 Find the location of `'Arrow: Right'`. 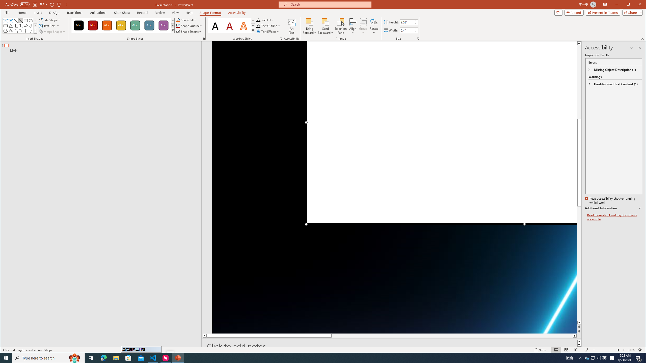

'Arrow: Right' is located at coordinates (25, 26).